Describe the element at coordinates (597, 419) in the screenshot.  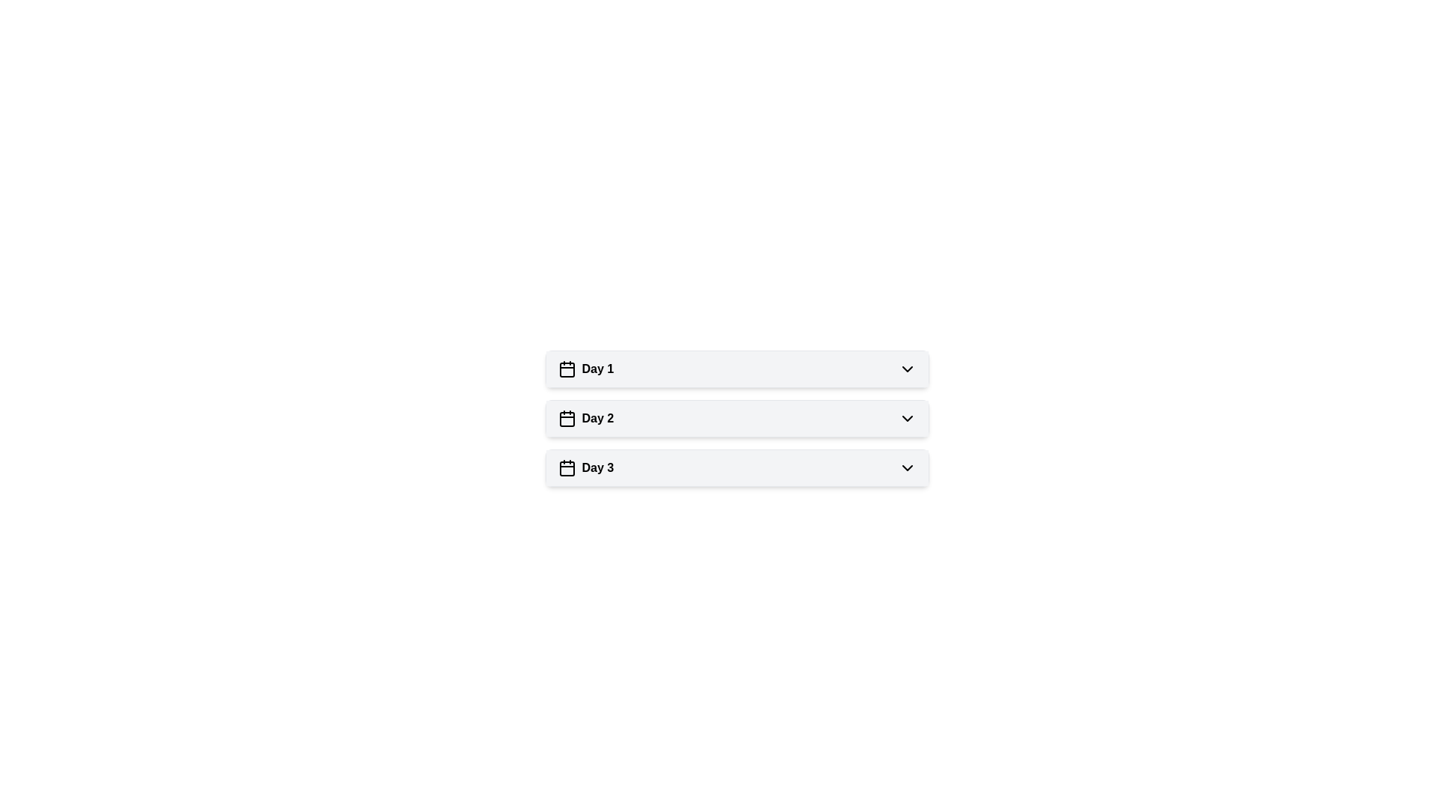
I see `the Text label indicating 'Day 2' to associate it with its corresponding label in the vertically aligned list of components` at that location.